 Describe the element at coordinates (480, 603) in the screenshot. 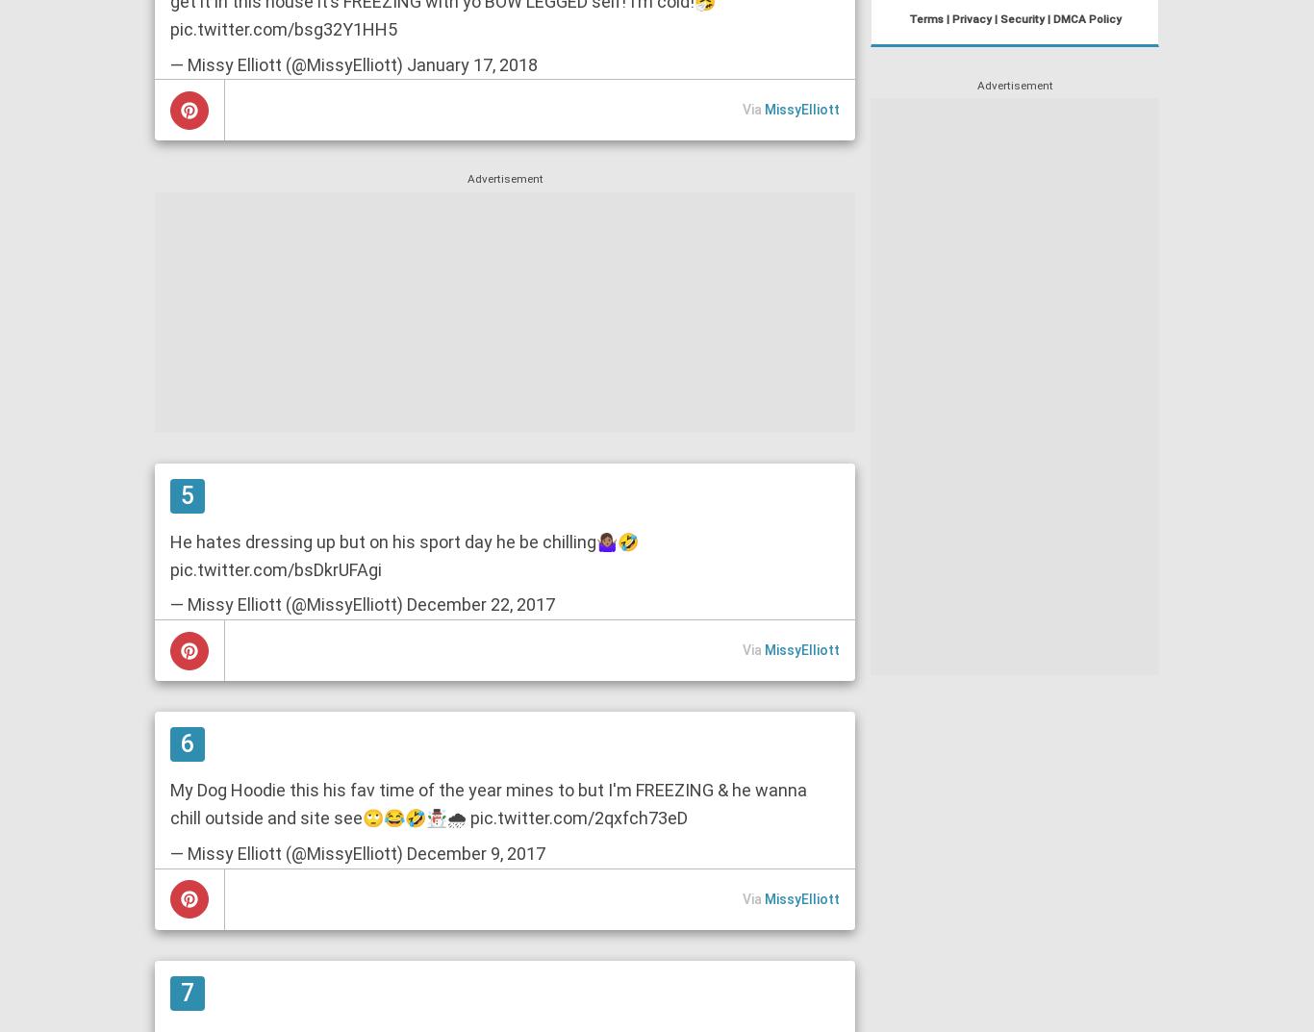

I see `'December 22, 2017'` at that location.